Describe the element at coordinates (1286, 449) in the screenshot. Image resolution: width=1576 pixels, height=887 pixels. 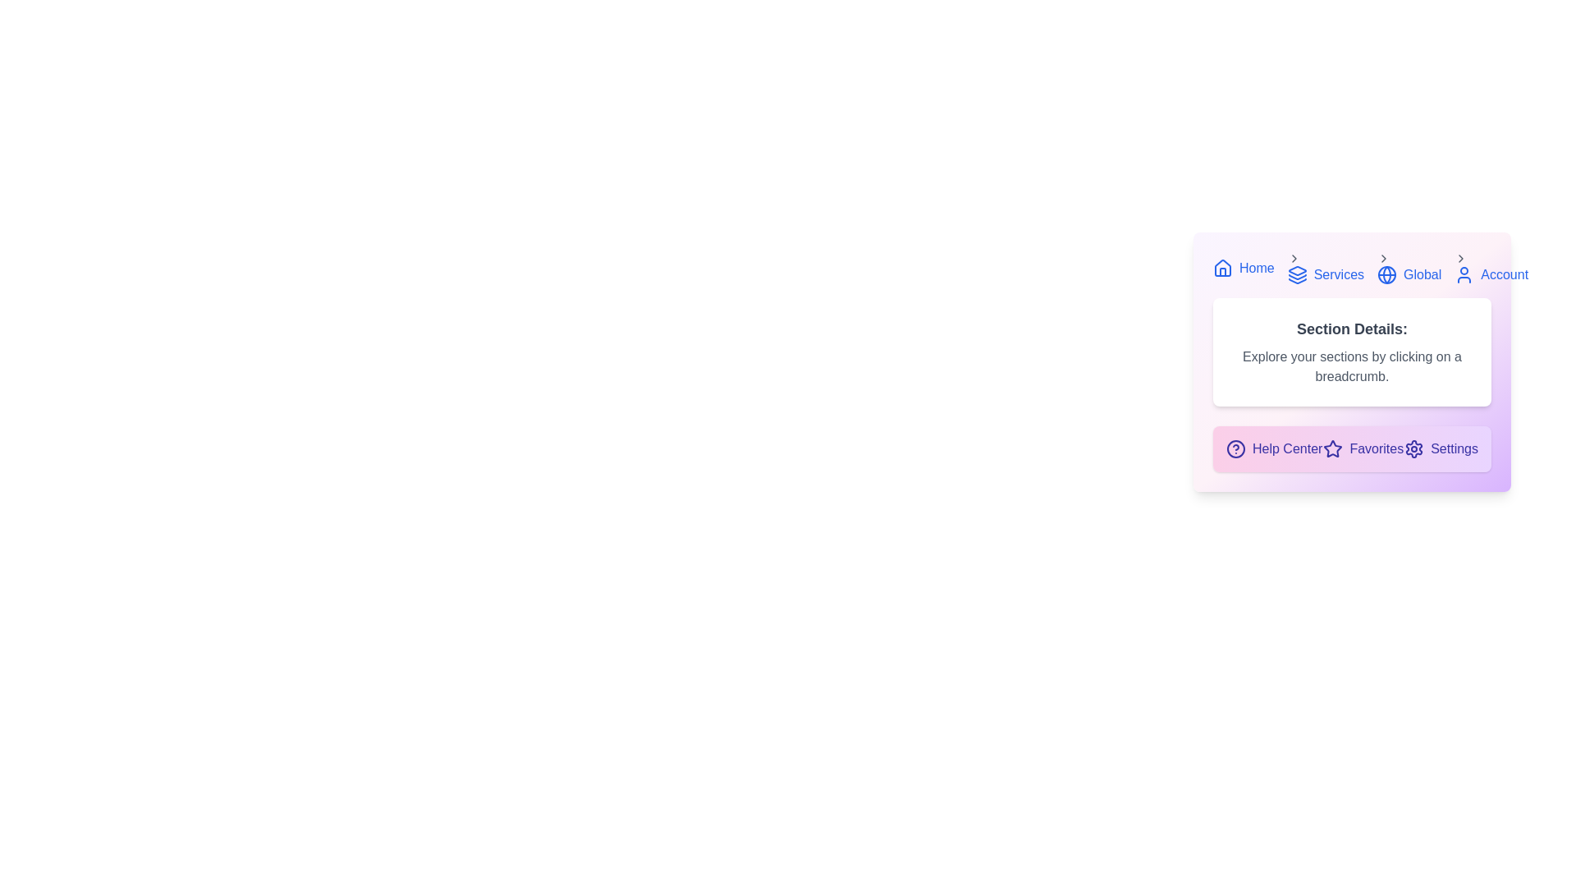
I see `the blue text label reading 'Help Center'` at that location.